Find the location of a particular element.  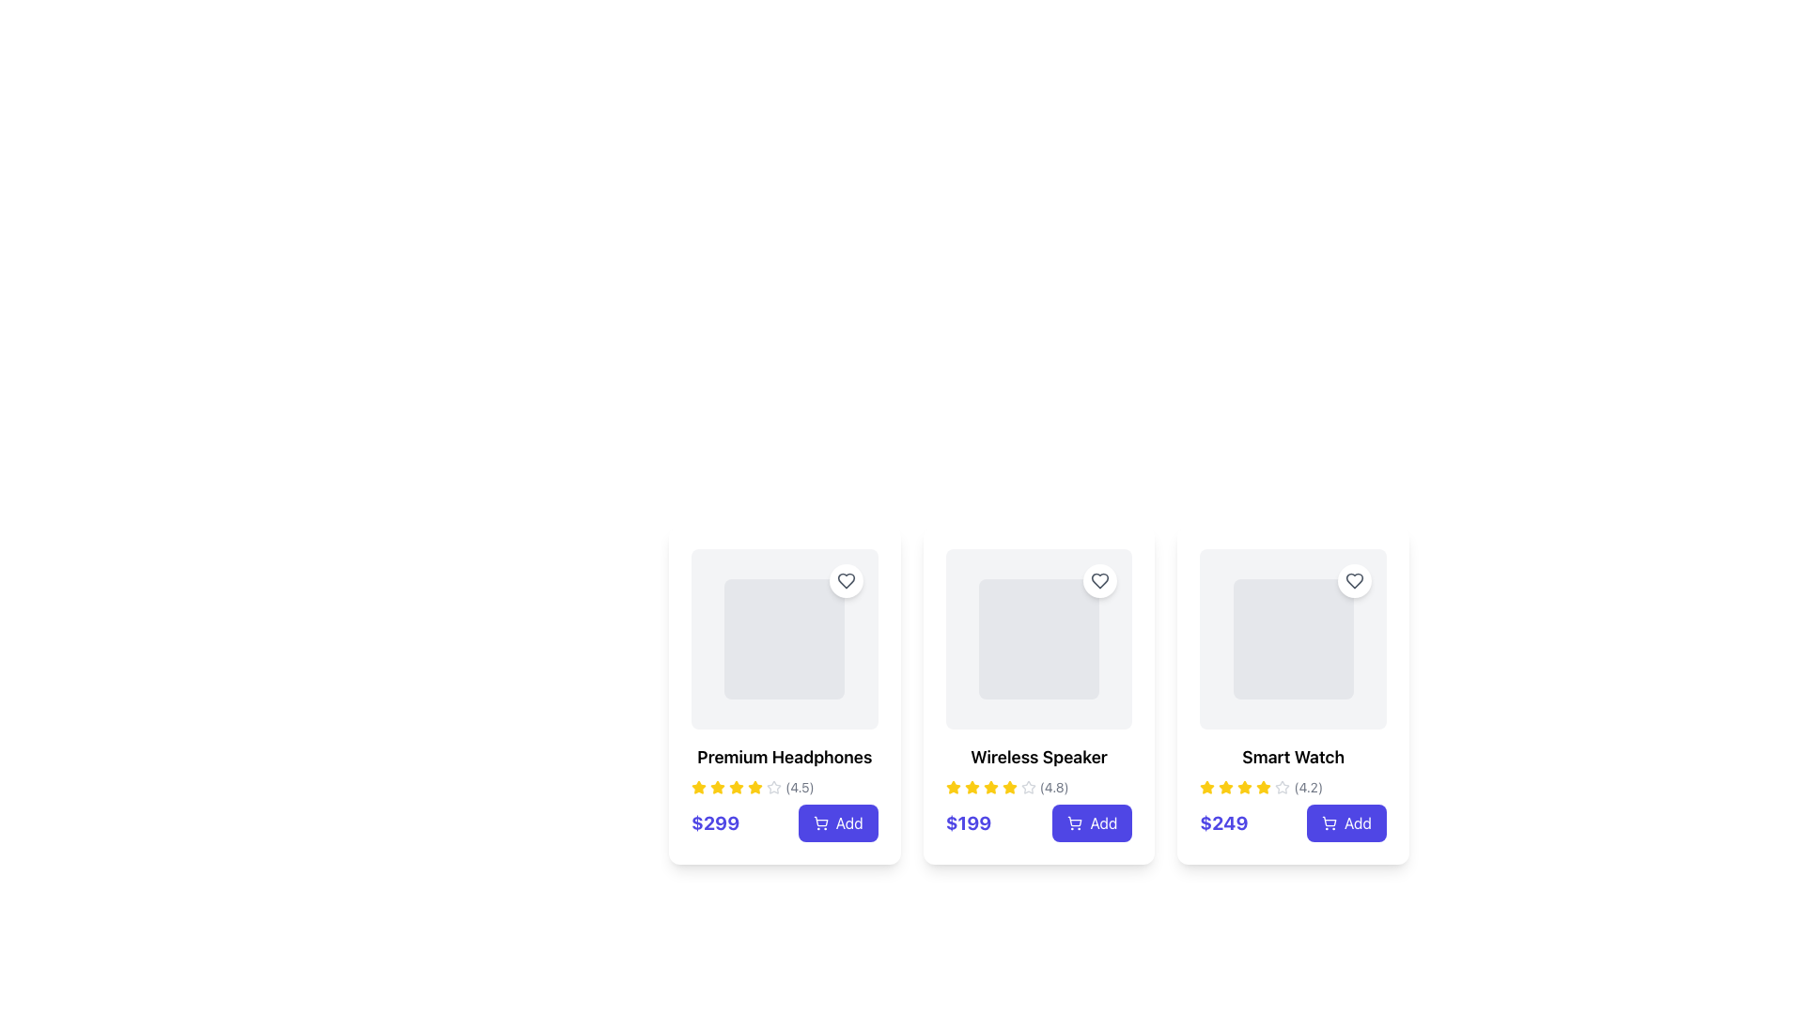

displayed average rating for the Smart Watch product, located to the rightmost part of the star-rating group in the product card is located at coordinates (1307, 788).